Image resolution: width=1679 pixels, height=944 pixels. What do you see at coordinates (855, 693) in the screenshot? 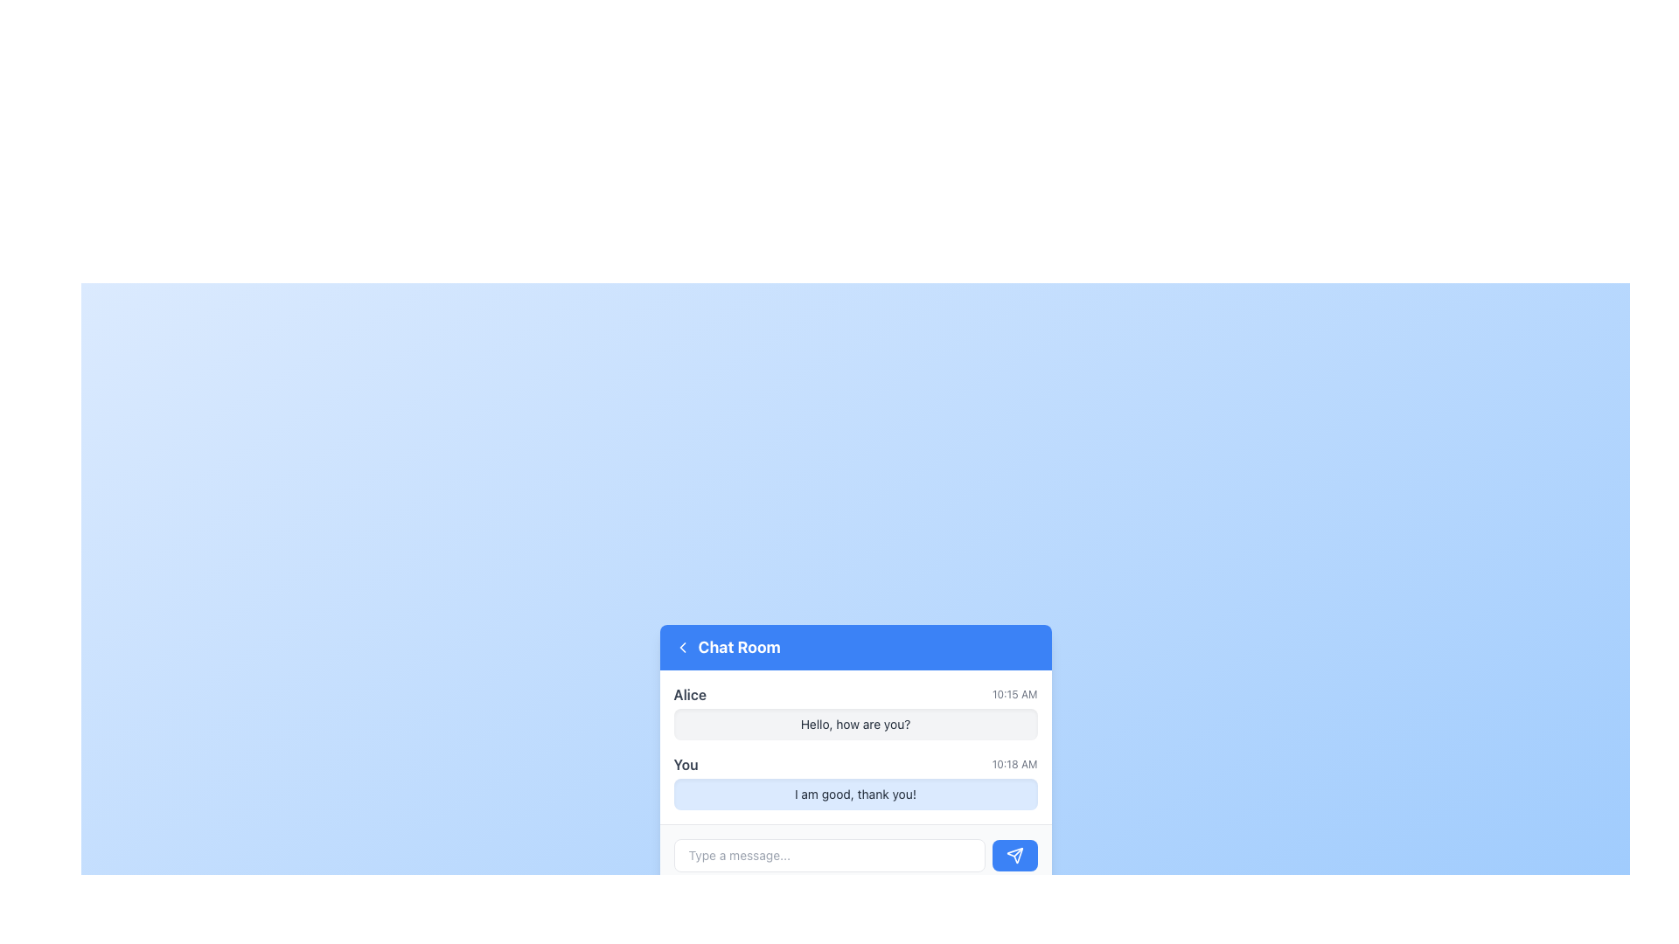
I see `the Informational display row that shows the sender's name and the time the message was sent, positioned above the message 'Hello, how are you?'` at bounding box center [855, 693].